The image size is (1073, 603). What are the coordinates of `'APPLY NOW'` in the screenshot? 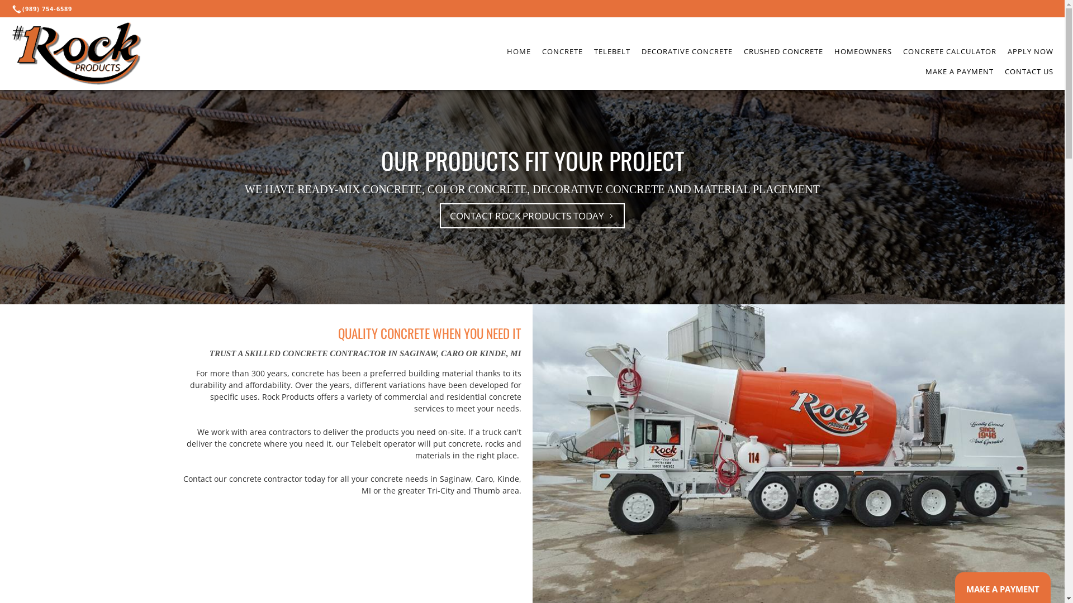 It's located at (1029, 51).